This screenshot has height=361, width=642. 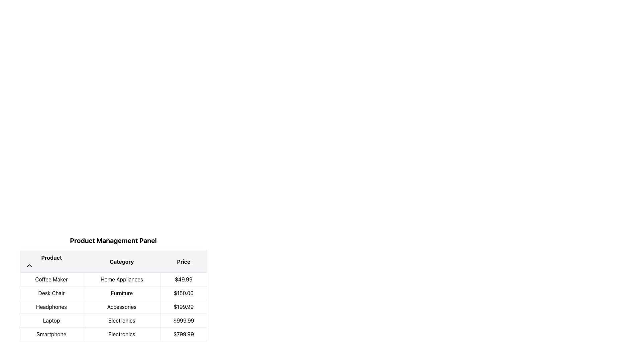 I want to click on the 'Home Appliances' text label in the 'Category' column of the 'Product Management Panel' table, so click(x=122, y=279).